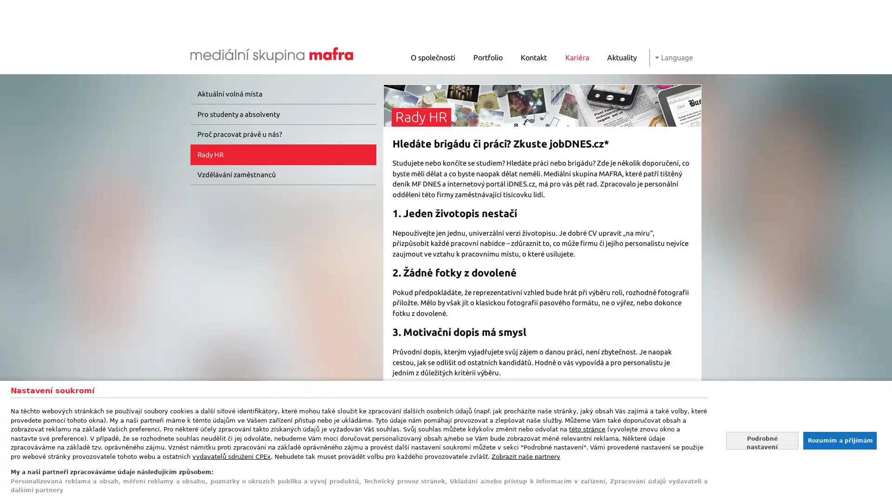  I want to click on Nastavte sve souhlasy, so click(762, 440).